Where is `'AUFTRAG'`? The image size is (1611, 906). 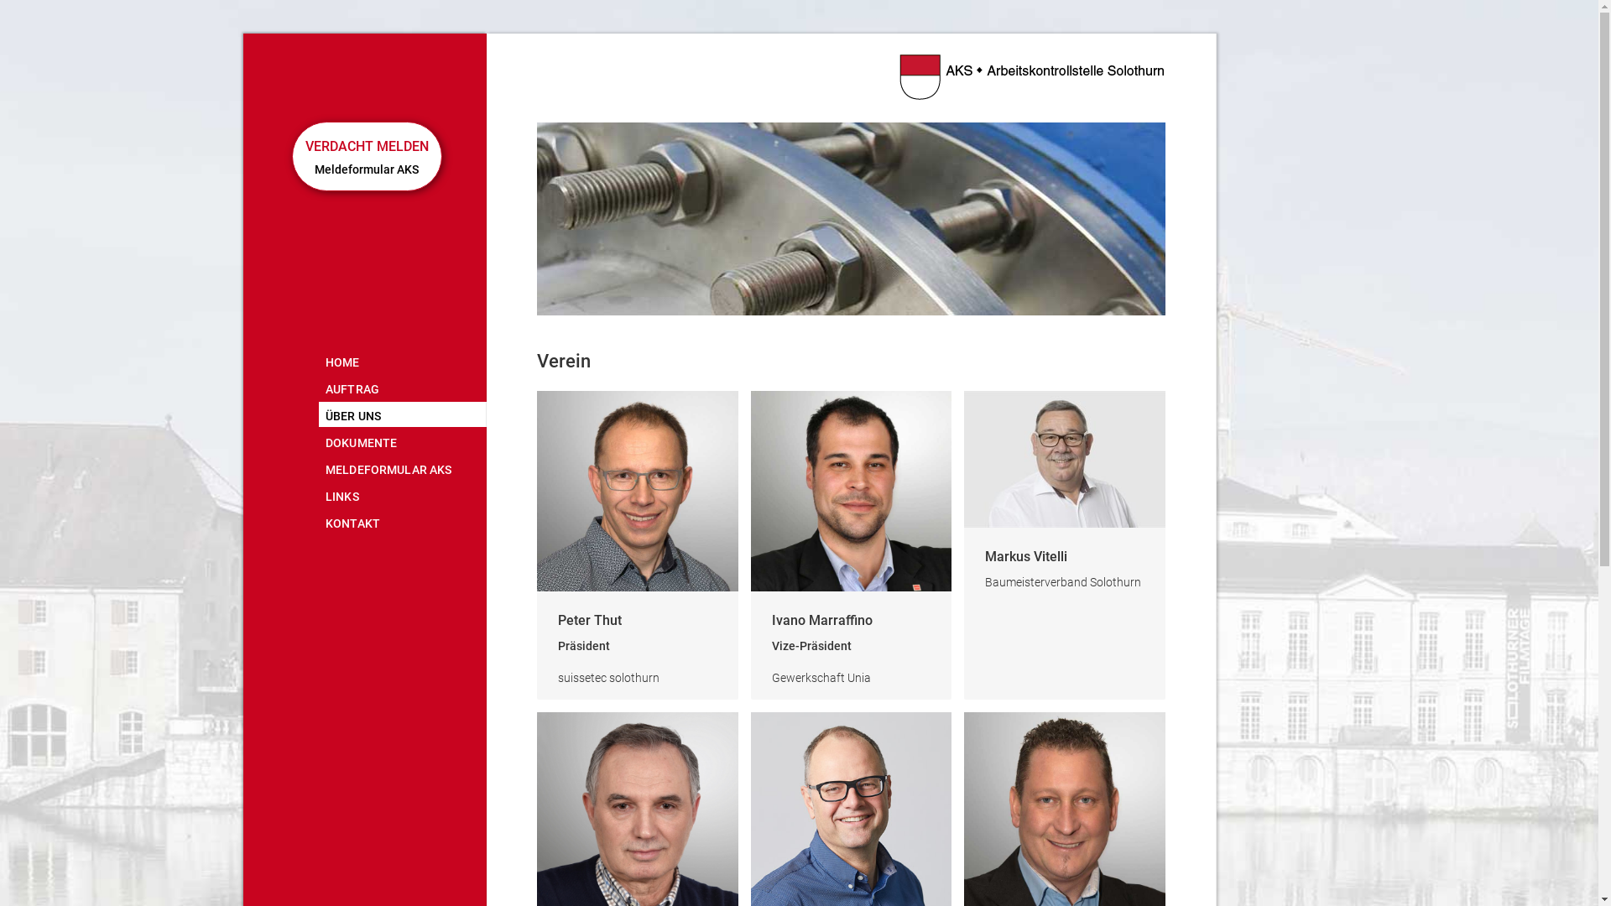 'AUFTRAG' is located at coordinates (403, 388).